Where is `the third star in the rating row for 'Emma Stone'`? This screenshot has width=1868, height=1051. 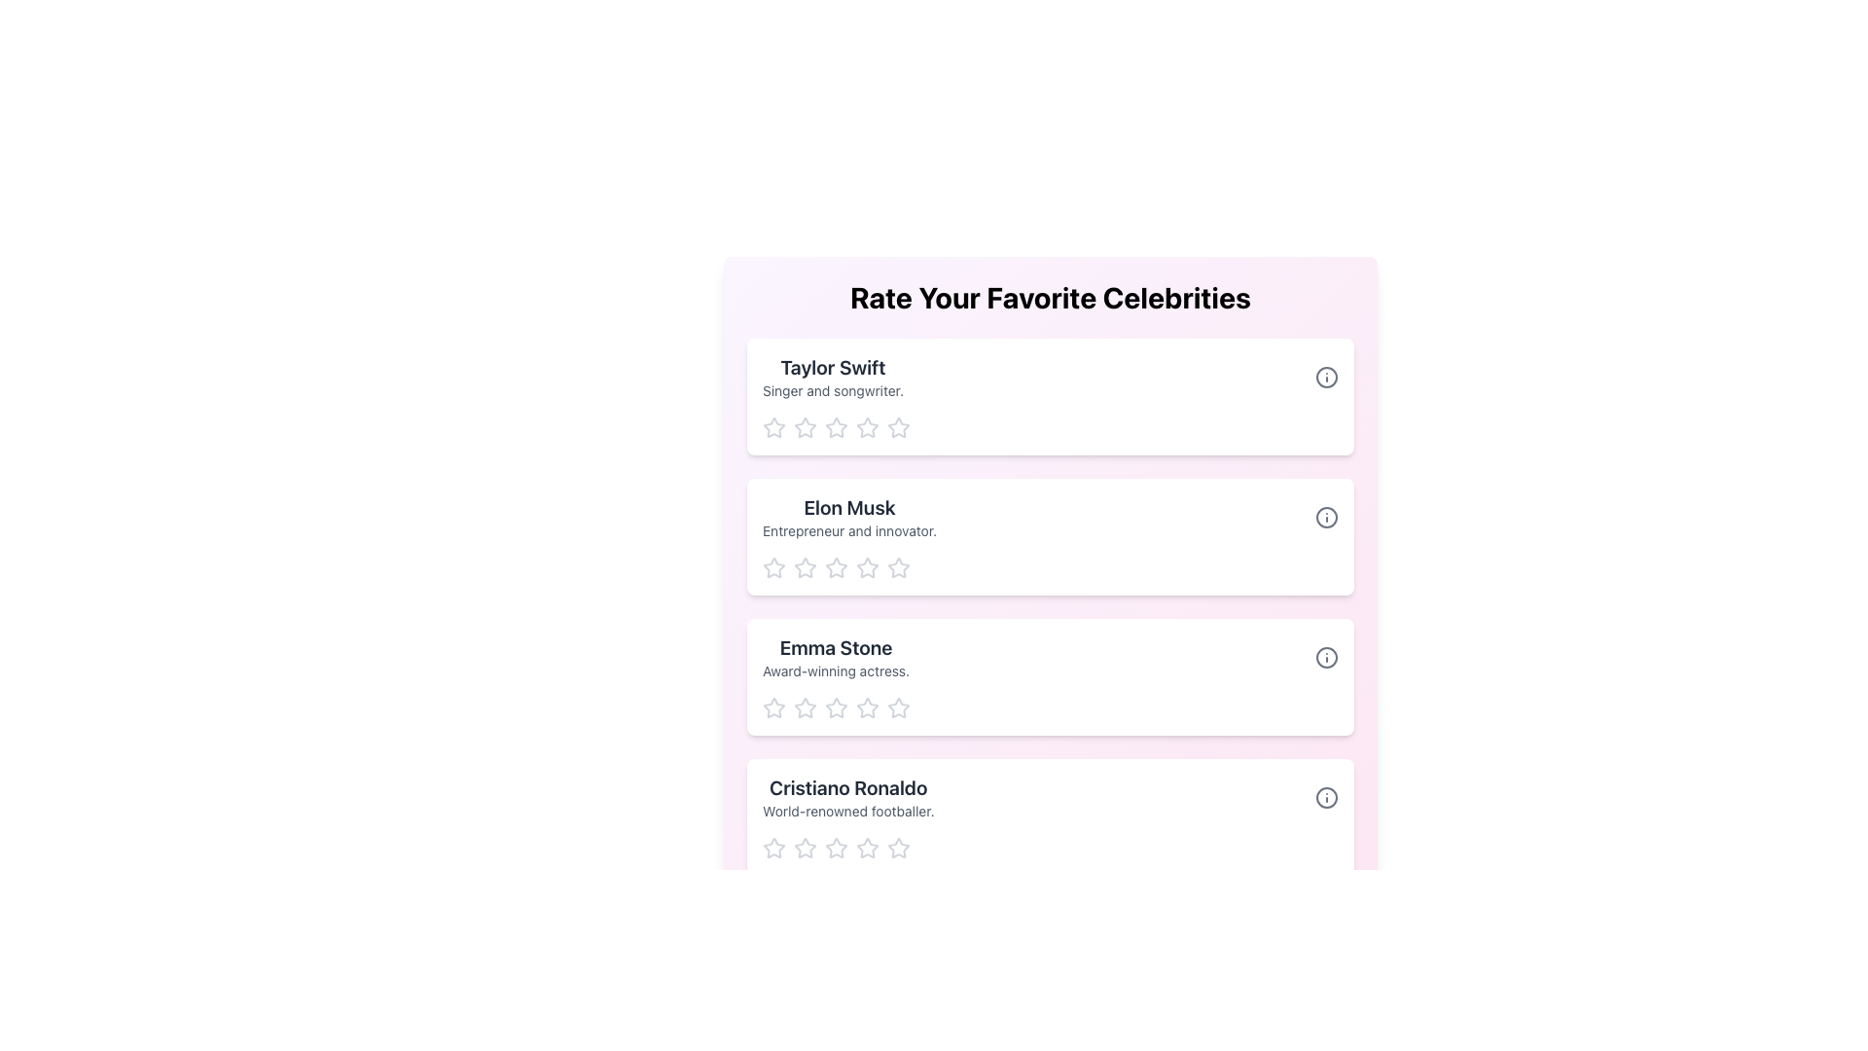
the third star in the rating row for 'Emma Stone' is located at coordinates (898, 707).